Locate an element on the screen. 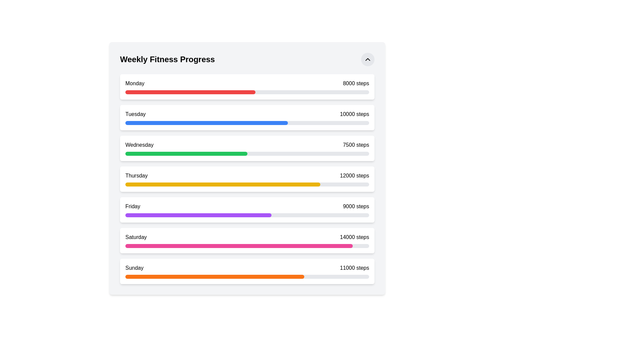  the Progress bar component displaying step count for Tuesday is located at coordinates (247, 117).